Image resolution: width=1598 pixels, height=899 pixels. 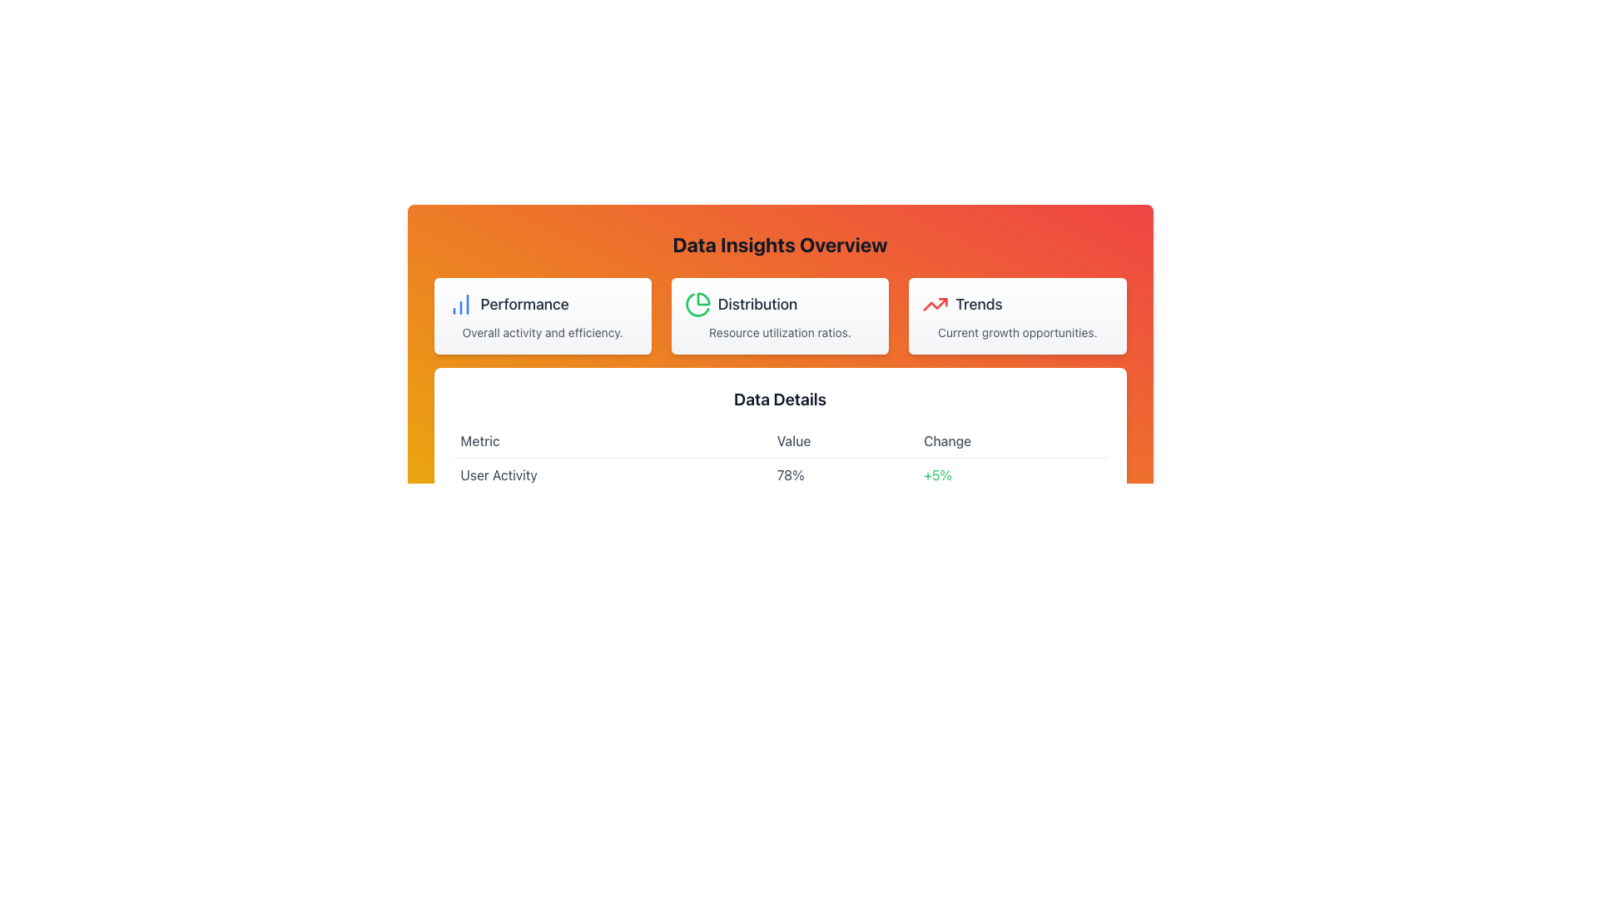 I want to click on the 'Trends' text label, which is styled in bold, medium-large font and dark gray color, located in the rightmost card of the 'Data Insights Overview' section, directly to the right of the upward trend line icon, so click(x=979, y=305).